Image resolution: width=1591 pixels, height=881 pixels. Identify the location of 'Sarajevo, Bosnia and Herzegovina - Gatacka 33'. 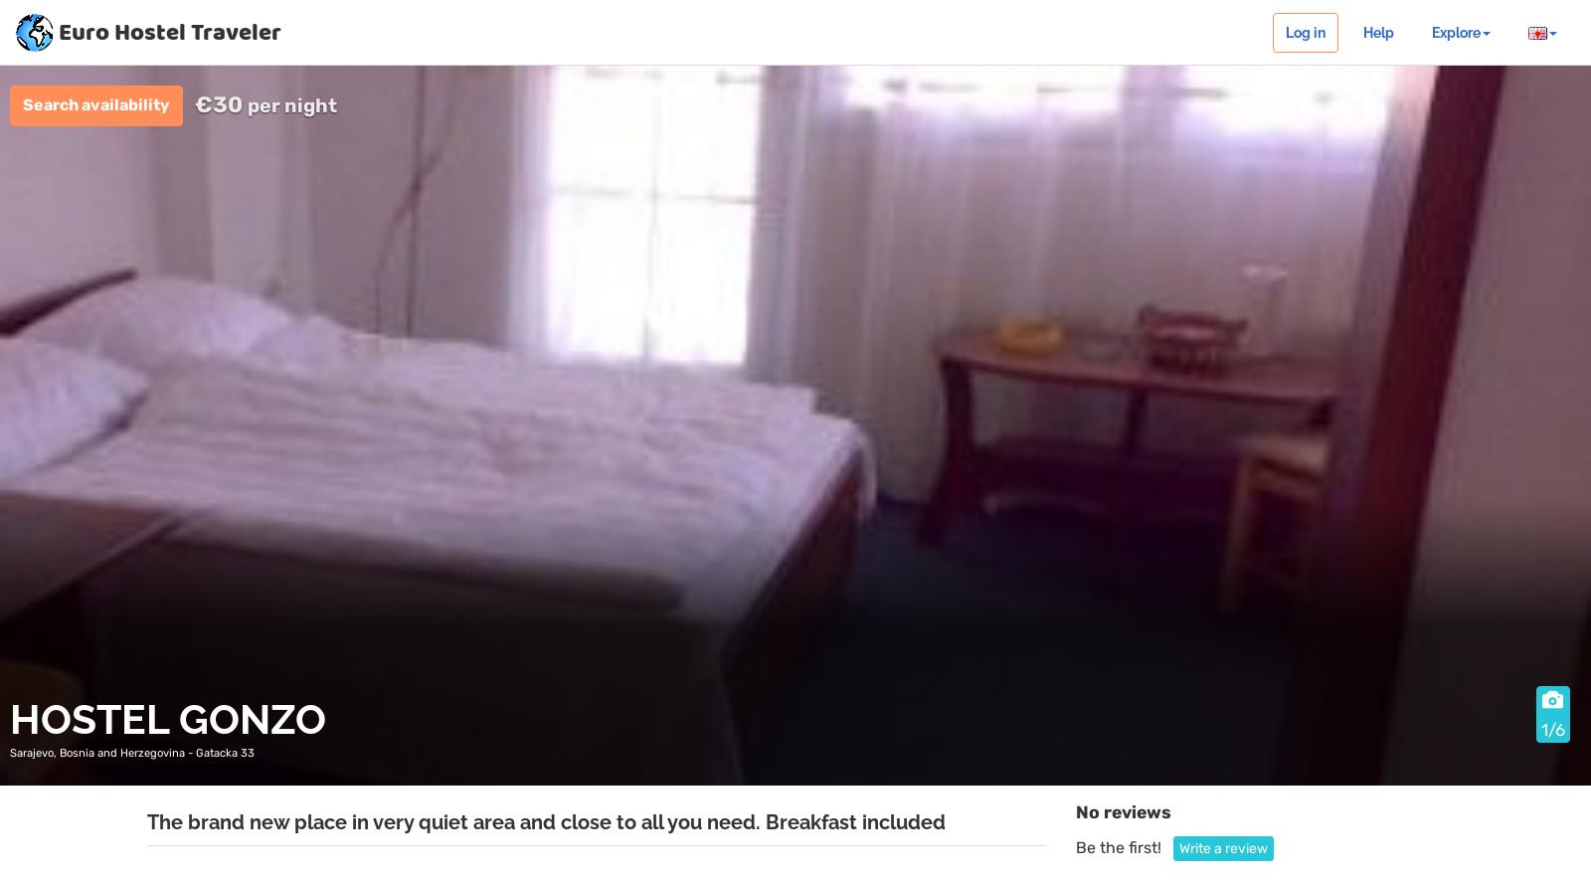
(130, 751).